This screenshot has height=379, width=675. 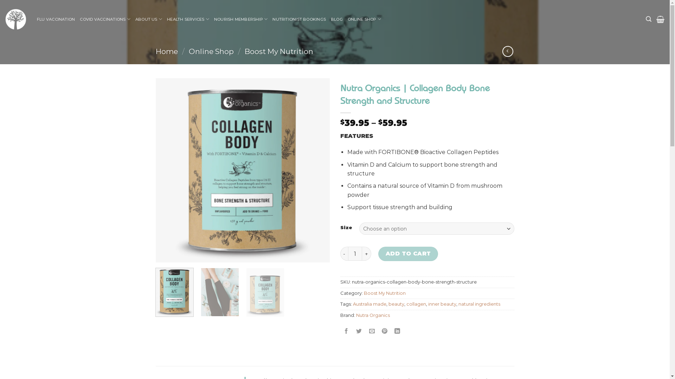 What do you see at coordinates (660, 19) in the screenshot?
I see `'Cart'` at bounding box center [660, 19].